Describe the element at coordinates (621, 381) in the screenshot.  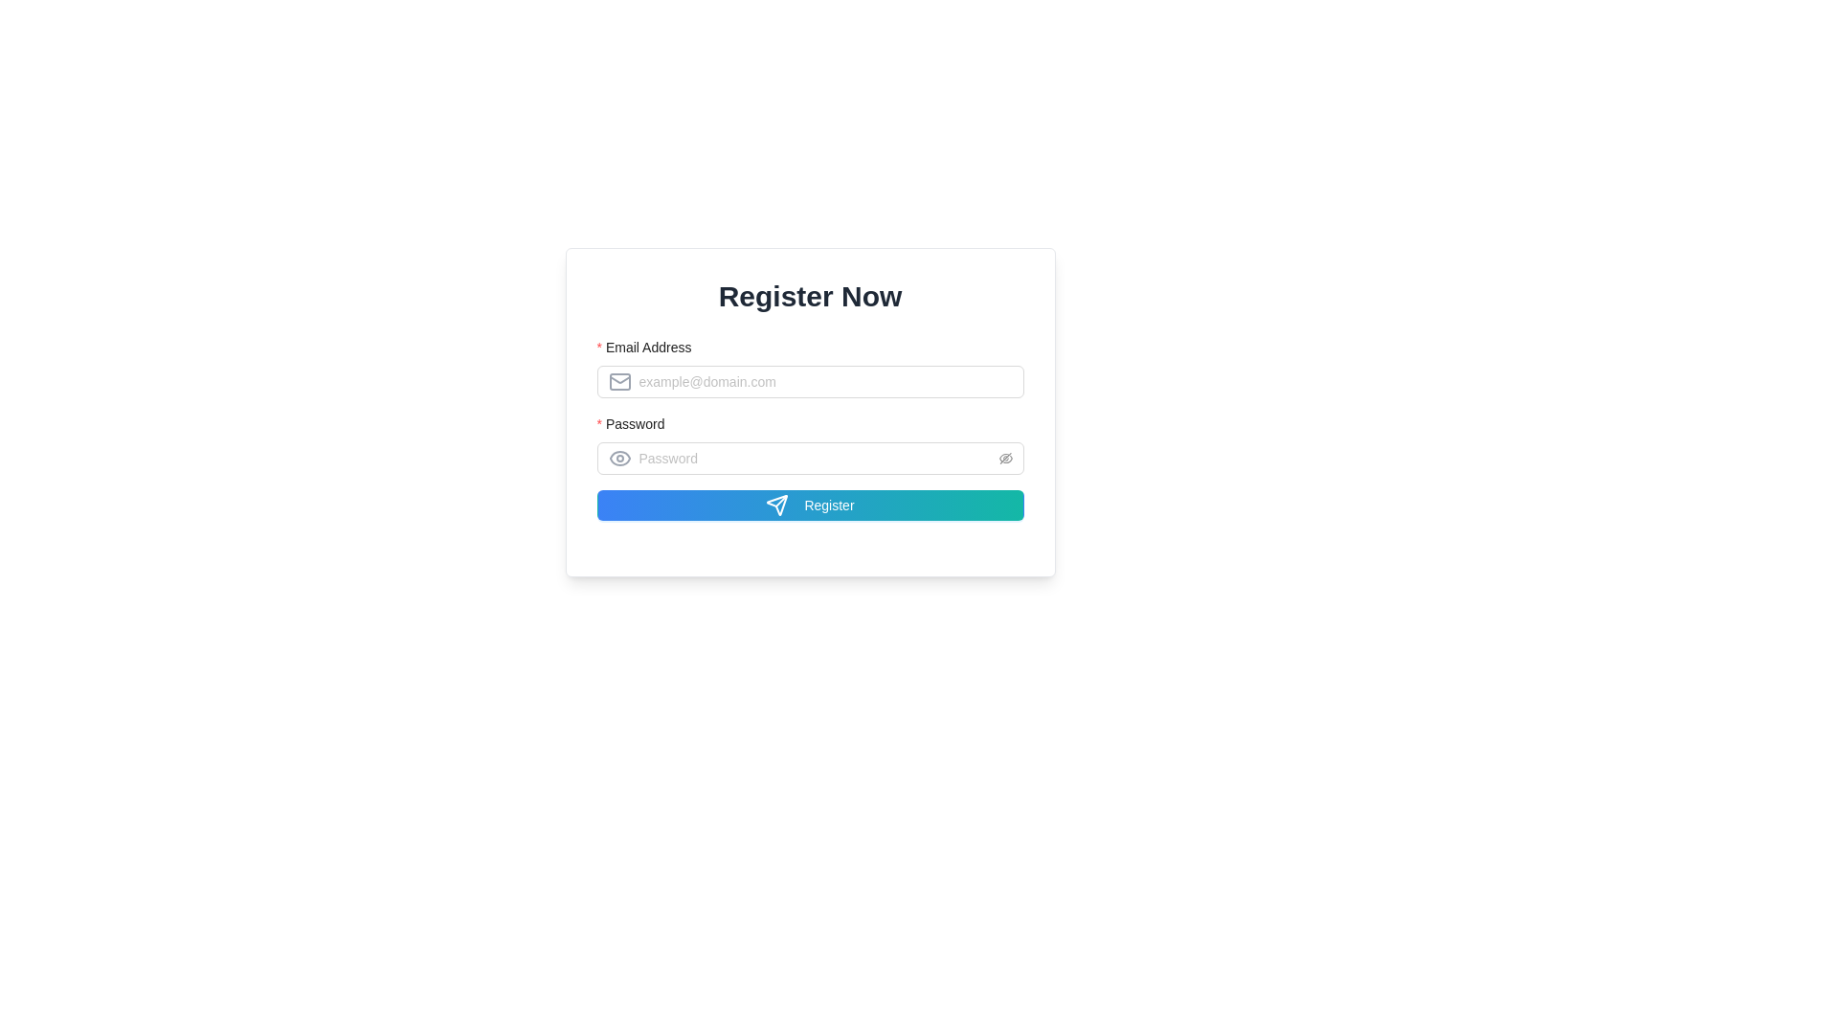
I see `the gray SVG envelope icon located inside the 'Email Address' input field on the registration form` at that location.